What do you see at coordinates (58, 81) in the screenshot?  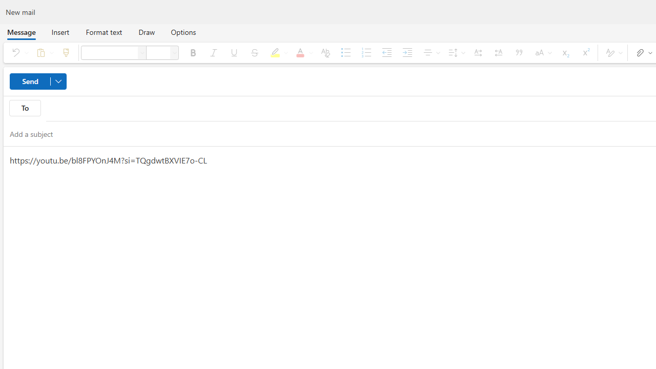 I see `'More send options'` at bounding box center [58, 81].